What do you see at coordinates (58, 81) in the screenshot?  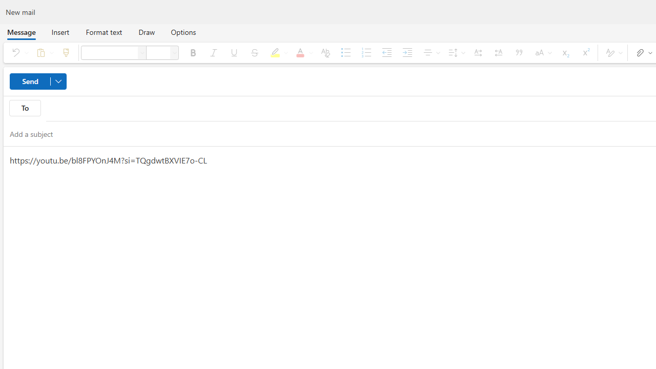 I see `'More send options'` at bounding box center [58, 81].